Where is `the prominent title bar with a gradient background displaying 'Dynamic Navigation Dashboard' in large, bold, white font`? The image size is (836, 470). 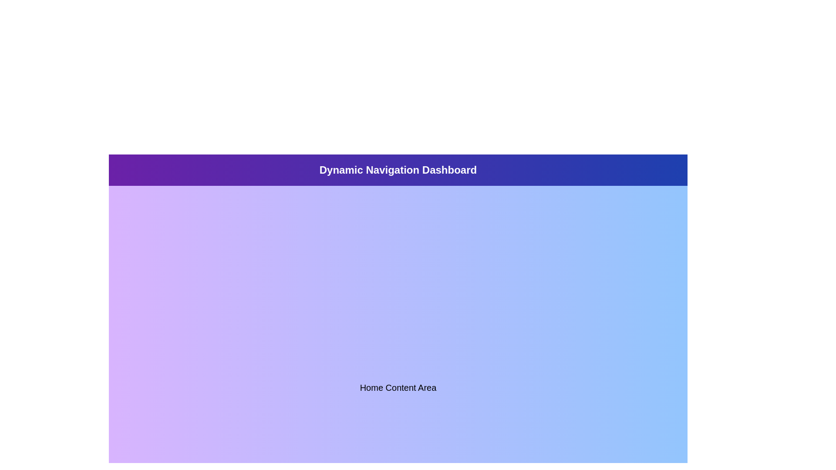
the prominent title bar with a gradient background displaying 'Dynamic Navigation Dashboard' in large, bold, white font is located at coordinates (398, 170).